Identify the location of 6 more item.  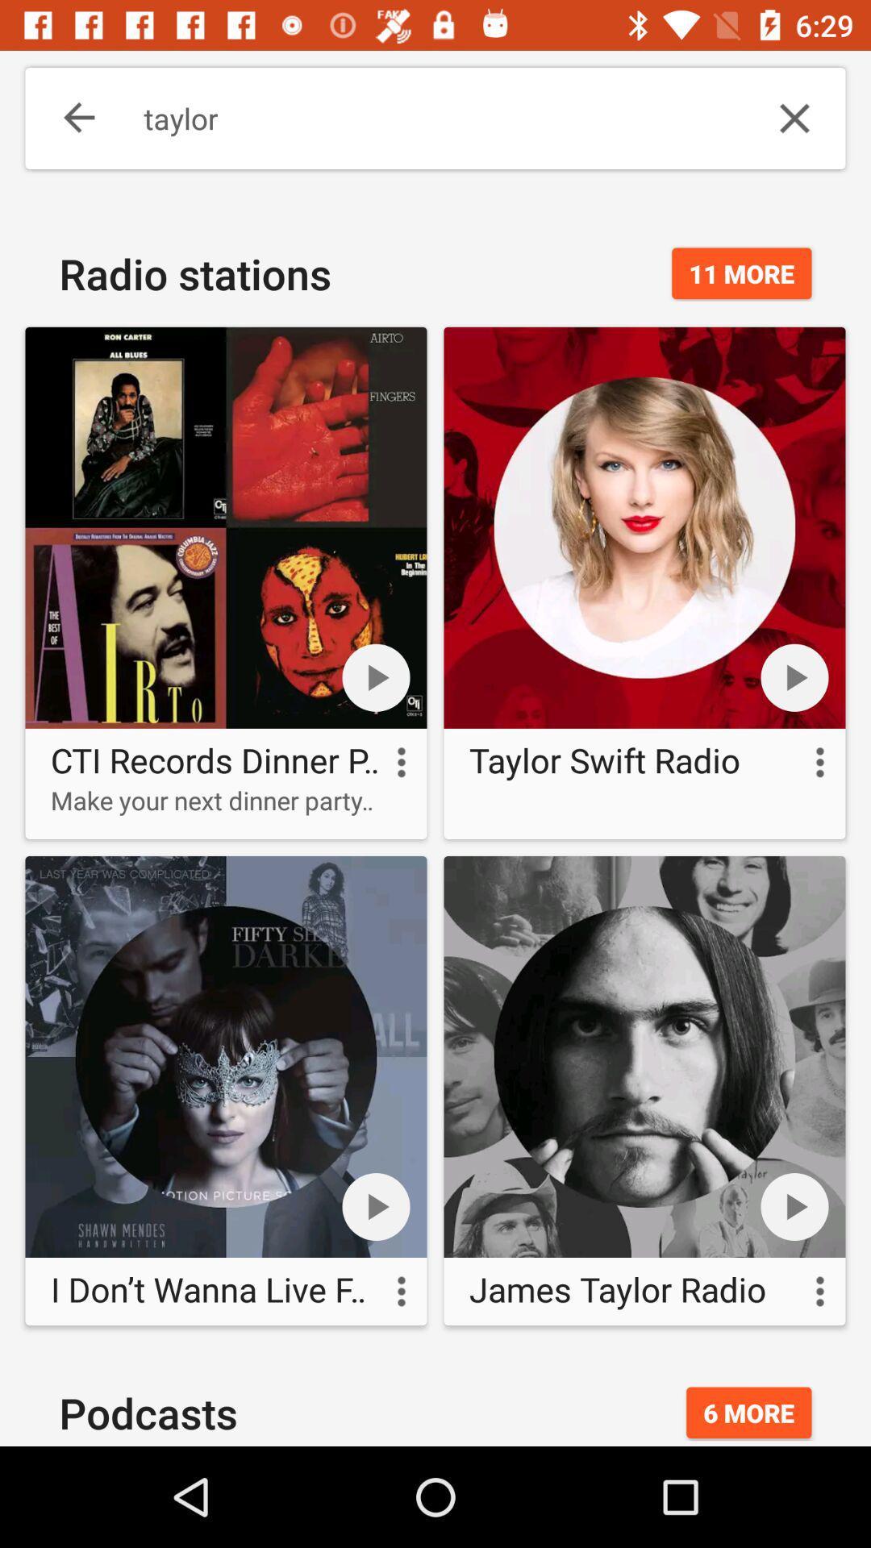
(748, 1412).